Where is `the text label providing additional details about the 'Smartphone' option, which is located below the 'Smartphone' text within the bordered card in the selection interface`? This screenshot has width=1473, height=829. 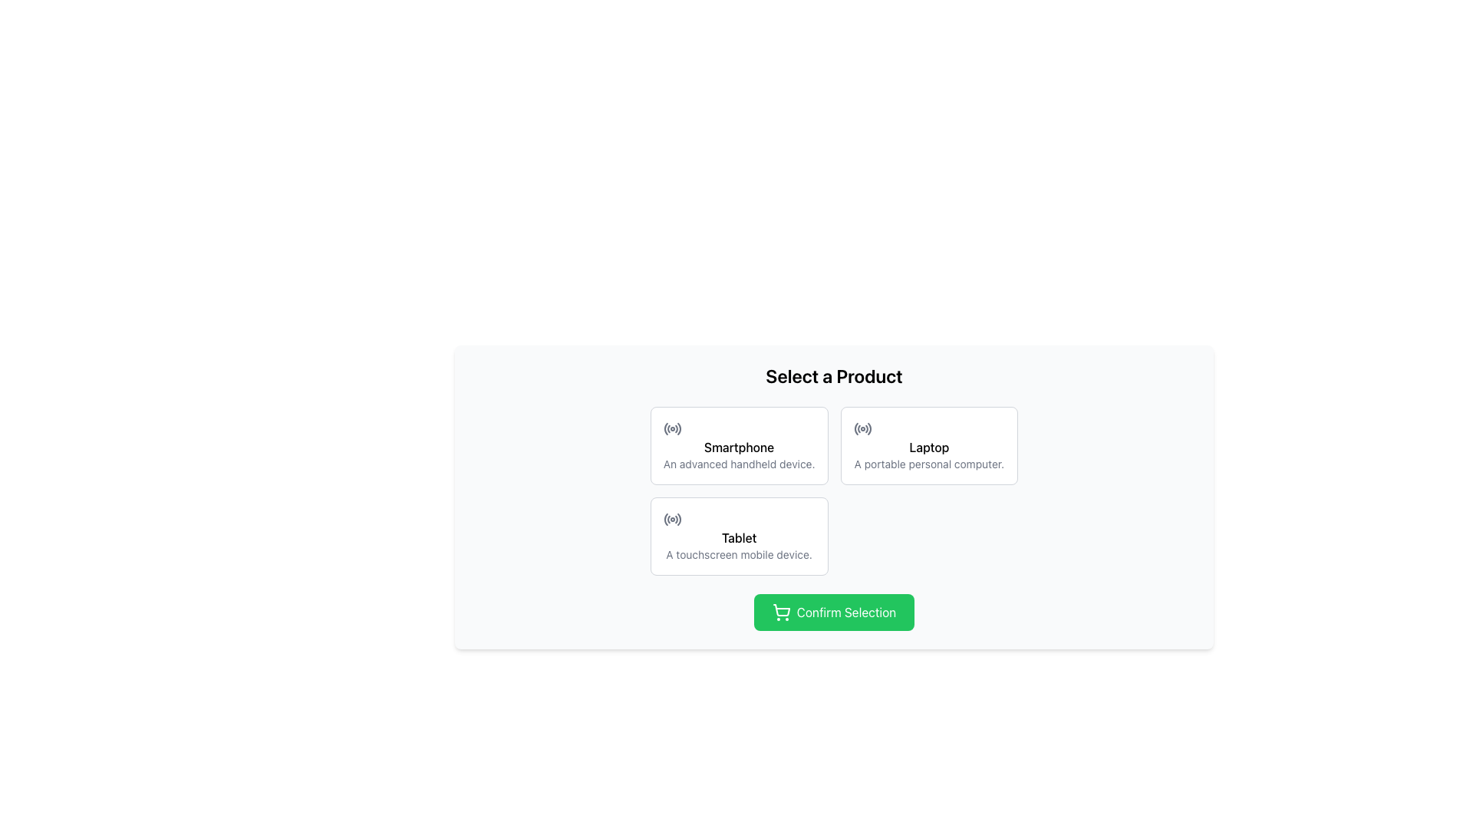
the text label providing additional details about the 'Smartphone' option, which is located below the 'Smartphone' text within the bordered card in the selection interface is located at coordinates (739, 464).